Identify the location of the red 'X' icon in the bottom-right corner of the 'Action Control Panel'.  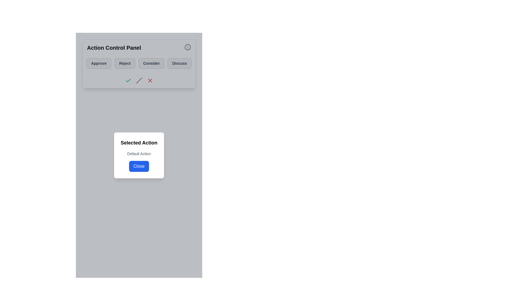
(150, 80).